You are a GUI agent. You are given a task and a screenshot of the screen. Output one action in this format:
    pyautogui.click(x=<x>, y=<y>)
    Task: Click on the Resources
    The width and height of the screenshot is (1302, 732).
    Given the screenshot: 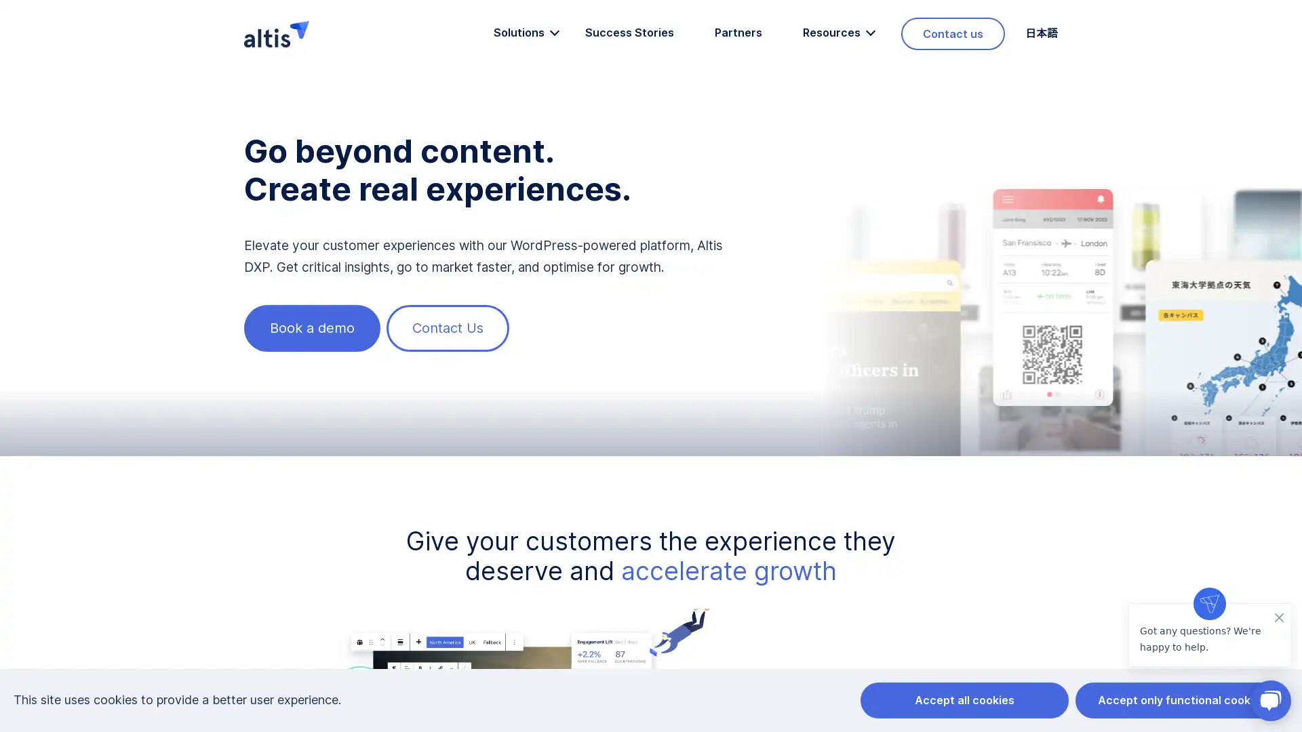 What is the action you would take?
    pyautogui.click(x=830, y=31)
    